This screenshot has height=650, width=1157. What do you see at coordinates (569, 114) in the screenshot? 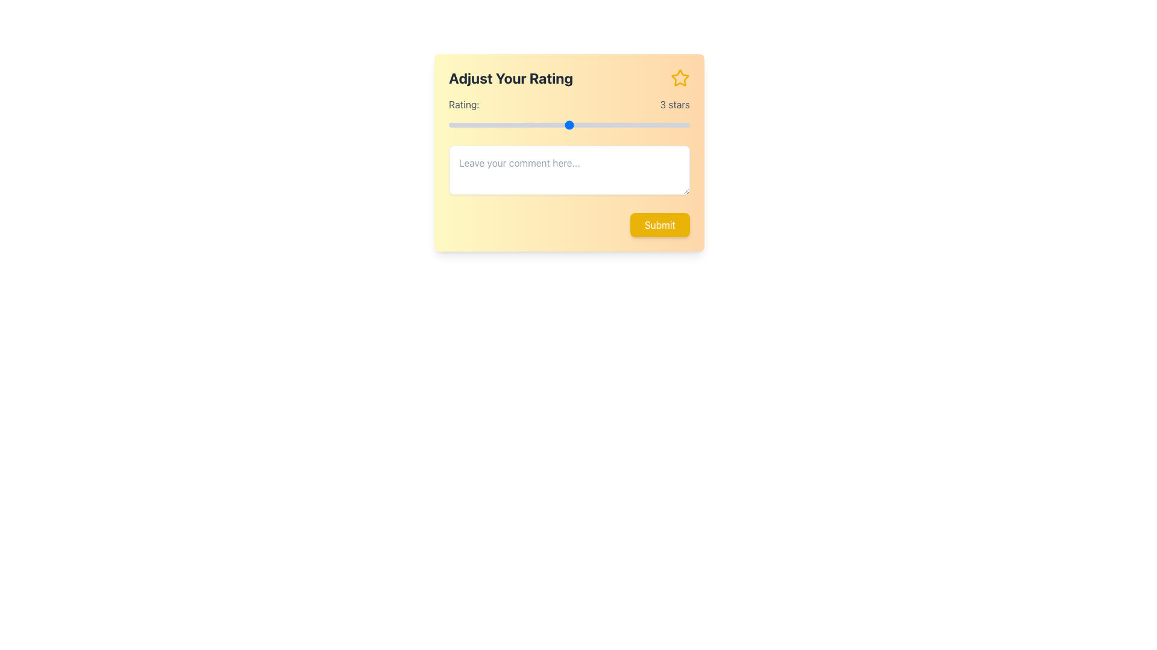
I see `the rating slider to adjust the handle position, which is labeled 'Rating:' and currently shows '3 stars', located centrally below 'Adjust Your Rating'` at bounding box center [569, 114].